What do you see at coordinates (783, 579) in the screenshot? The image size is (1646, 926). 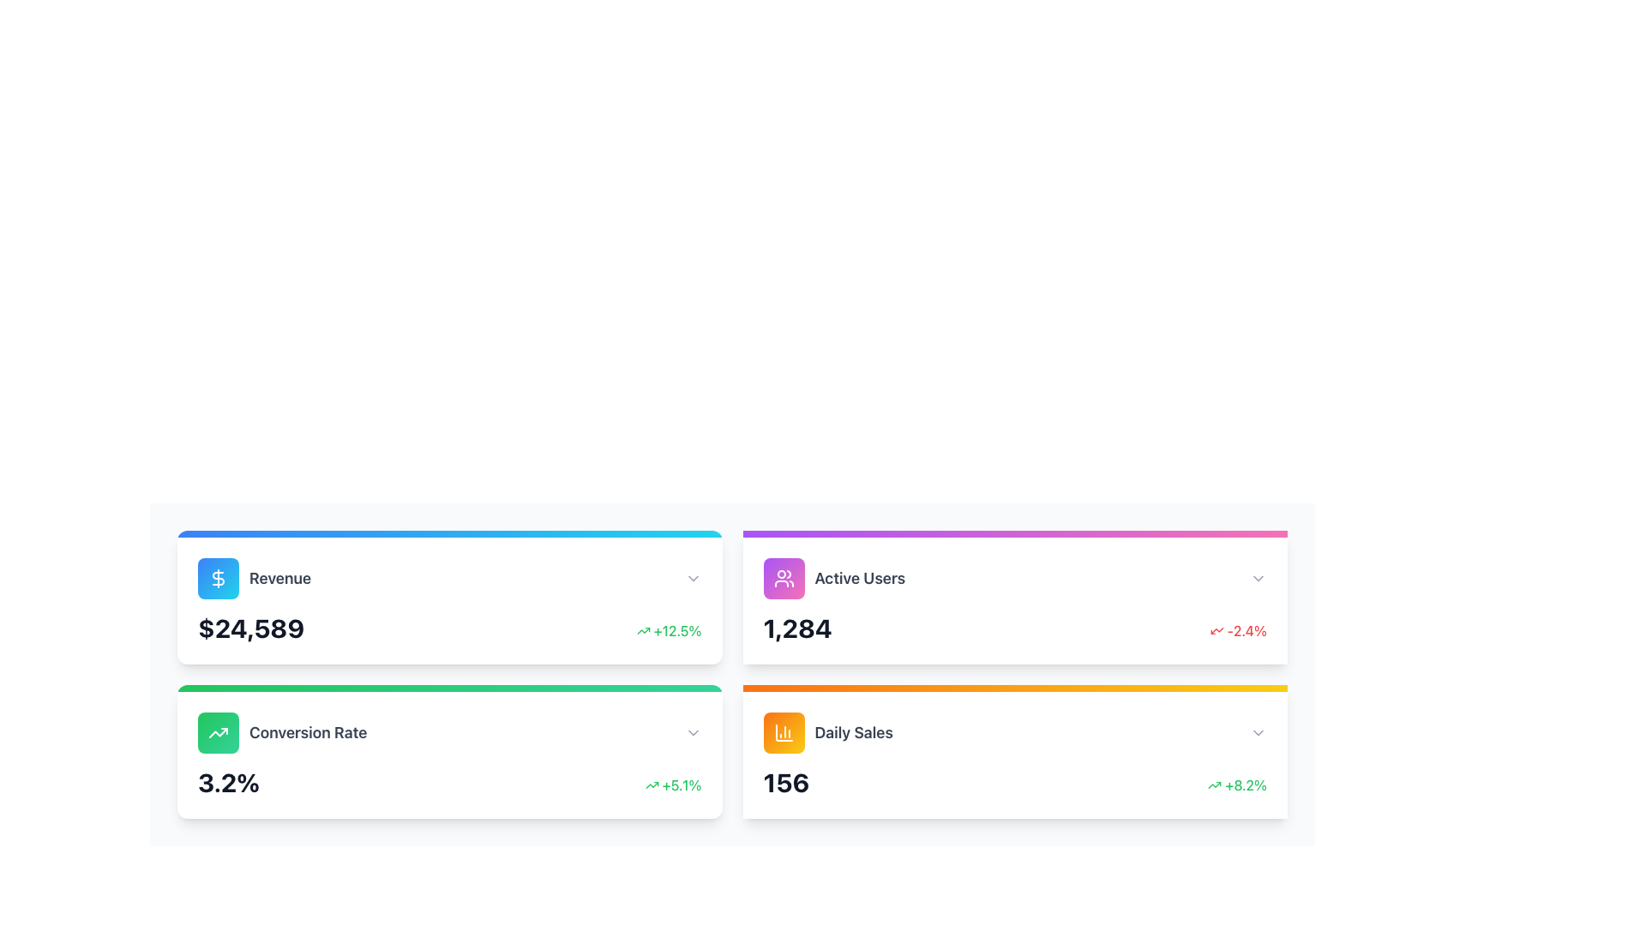 I see `the small rectangular icon with a gradient background from purple to pink, featuring a white outline of three people, located within the 'Active Users' card` at bounding box center [783, 579].